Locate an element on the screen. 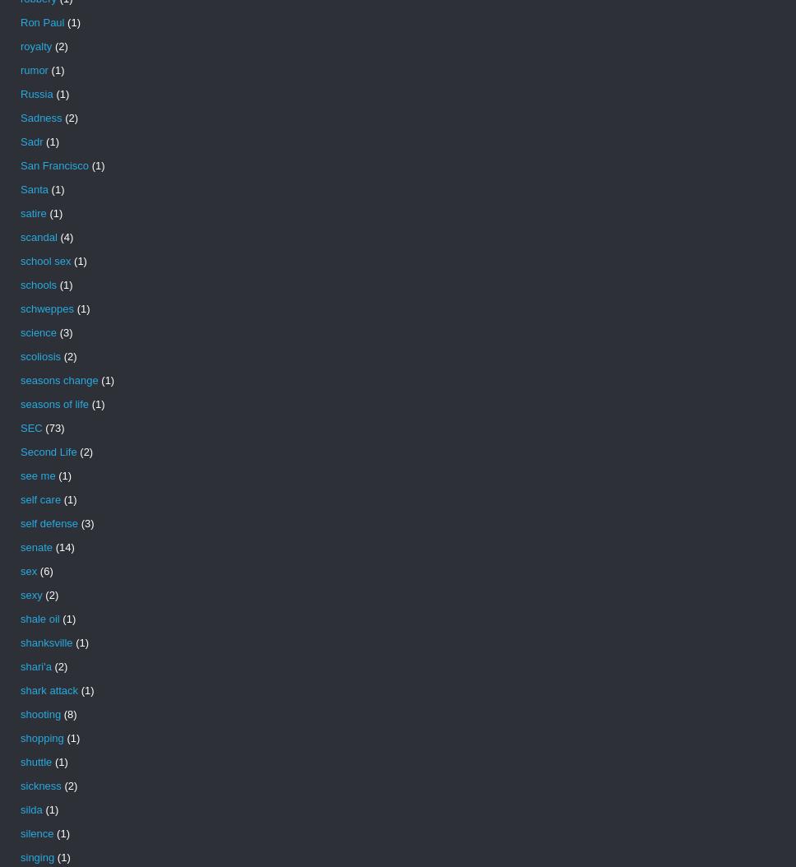  'senate' is located at coordinates (35, 547).